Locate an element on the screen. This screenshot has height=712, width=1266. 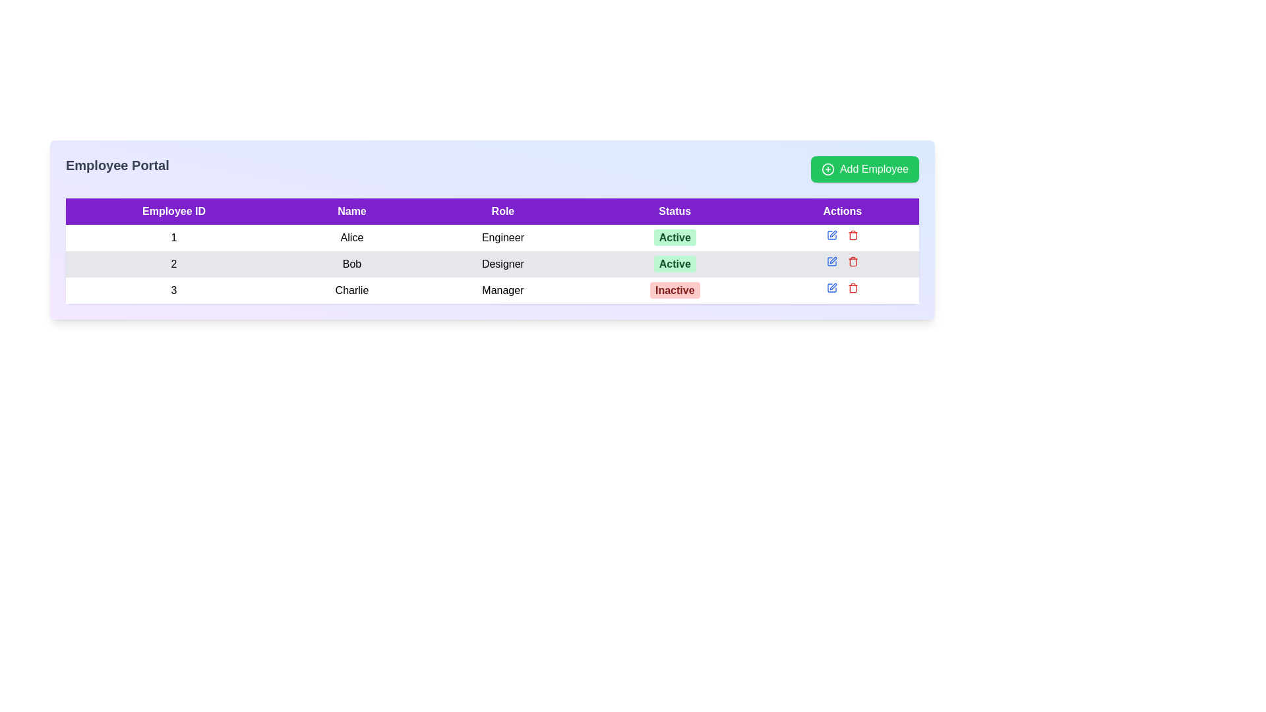
the red button labeled 'Inactive' in the last row of the table under the 'Status' column, associated with 'Charlie' as the employee name and 'Manager' as the role is located at coordinates (675, 289).